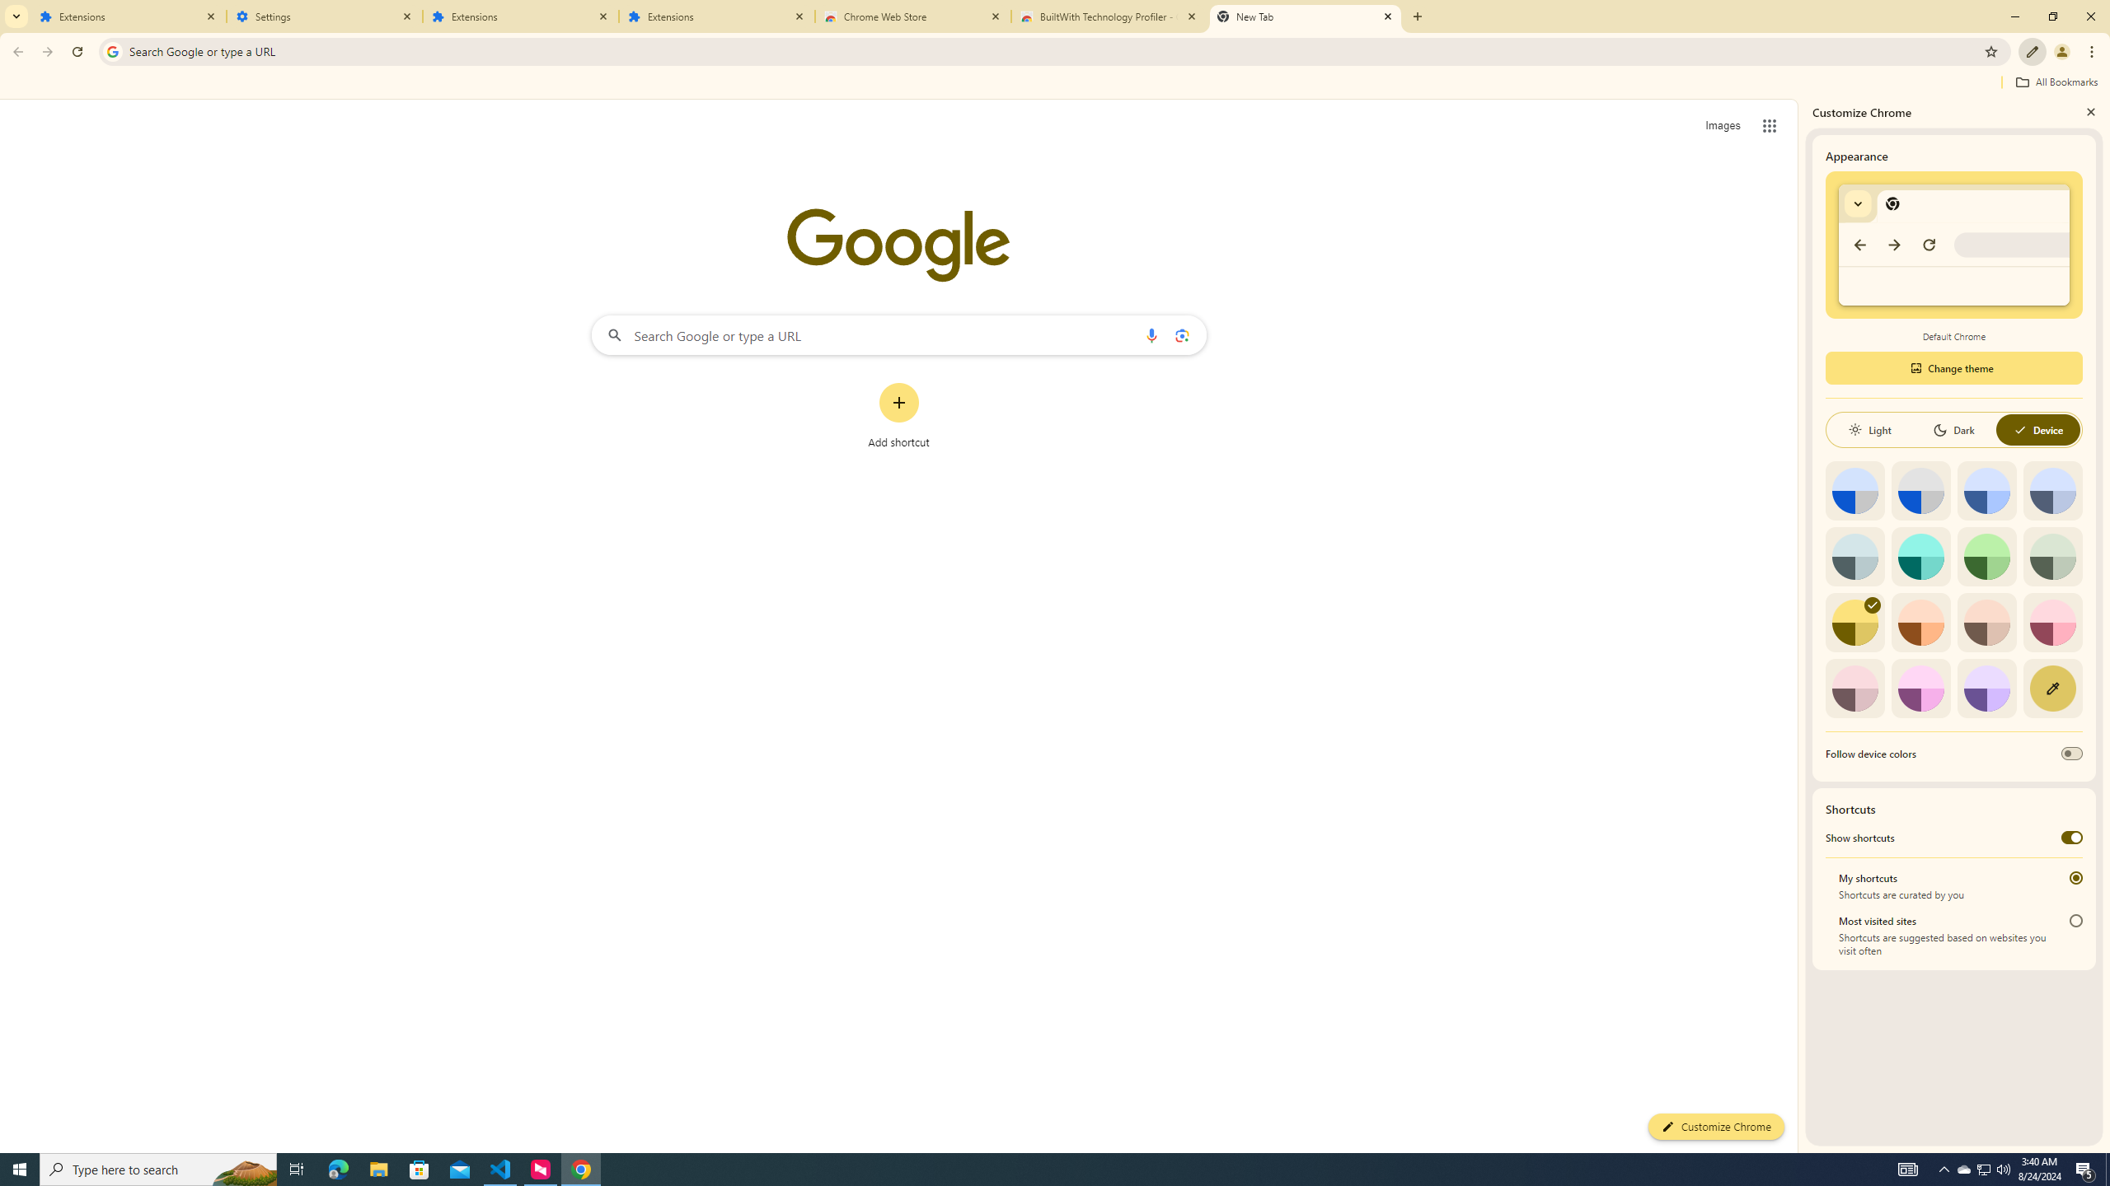 The width and height of the screenshot is (2110, 1186). I want to click on 'Change theme', so click(1953, 368).